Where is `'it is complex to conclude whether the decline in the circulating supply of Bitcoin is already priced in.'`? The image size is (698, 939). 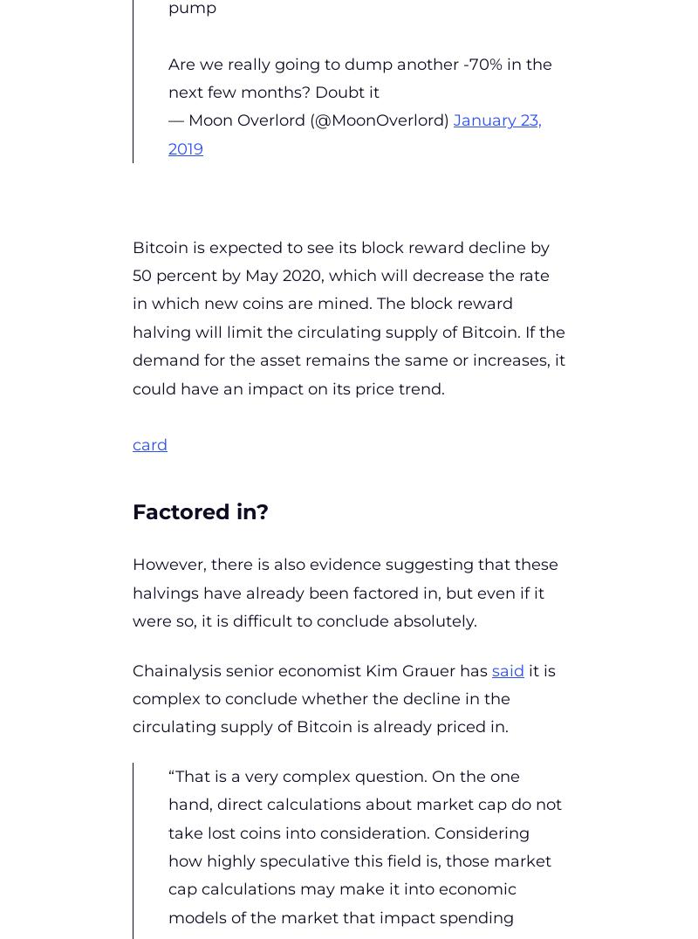
'it is complex to conclude whether the decline in the circulating supply of Bitcoin is already priced in.' is located at coordinates (343, 698).